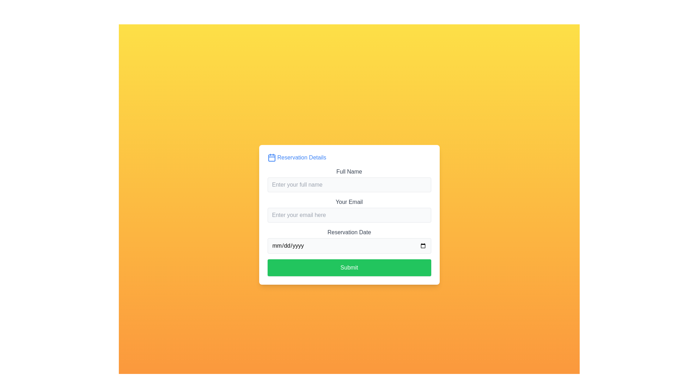 This screenshot has width=677, height=381. What do you see at coordinates (271, 157) in the screenshot?
I see `the calendar icon that is the first element in the 'Reservation Details' heading, aligned to the left of the text` at bounding box center [271, 157].